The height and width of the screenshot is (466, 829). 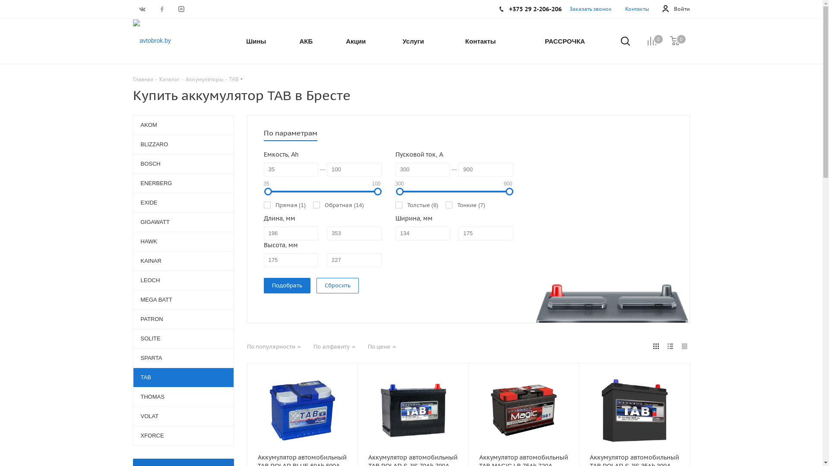 I want to click on 'SPARTA', so click(x=132, y=358).